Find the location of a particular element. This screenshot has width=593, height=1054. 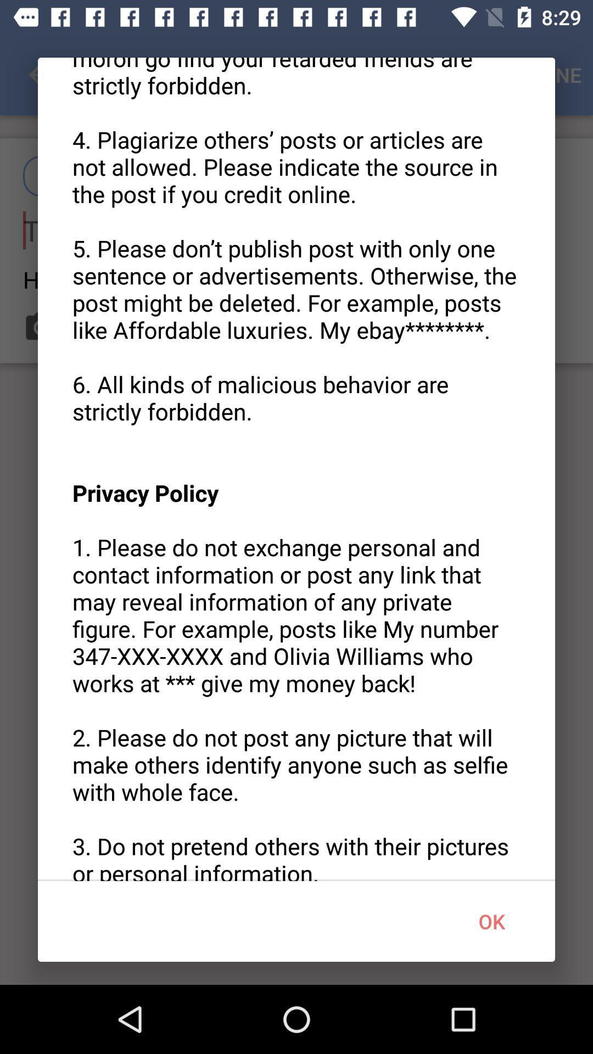

the ok is located at coordinates (491, 921).